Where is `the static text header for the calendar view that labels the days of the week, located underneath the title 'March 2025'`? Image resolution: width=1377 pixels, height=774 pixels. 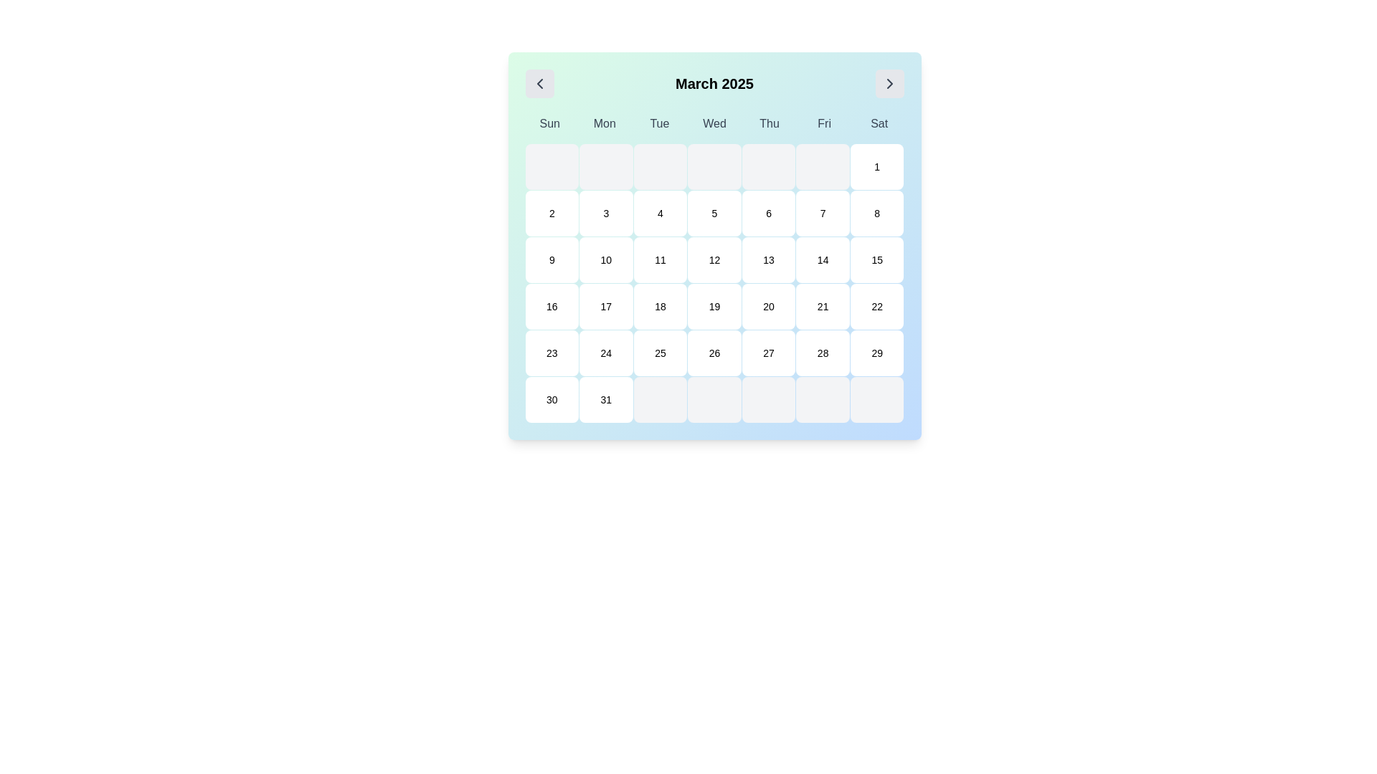 the static text header for the calendar view that labels the days of the week, located underneath the title 'March 2025' is located at coordinates (714, 123).